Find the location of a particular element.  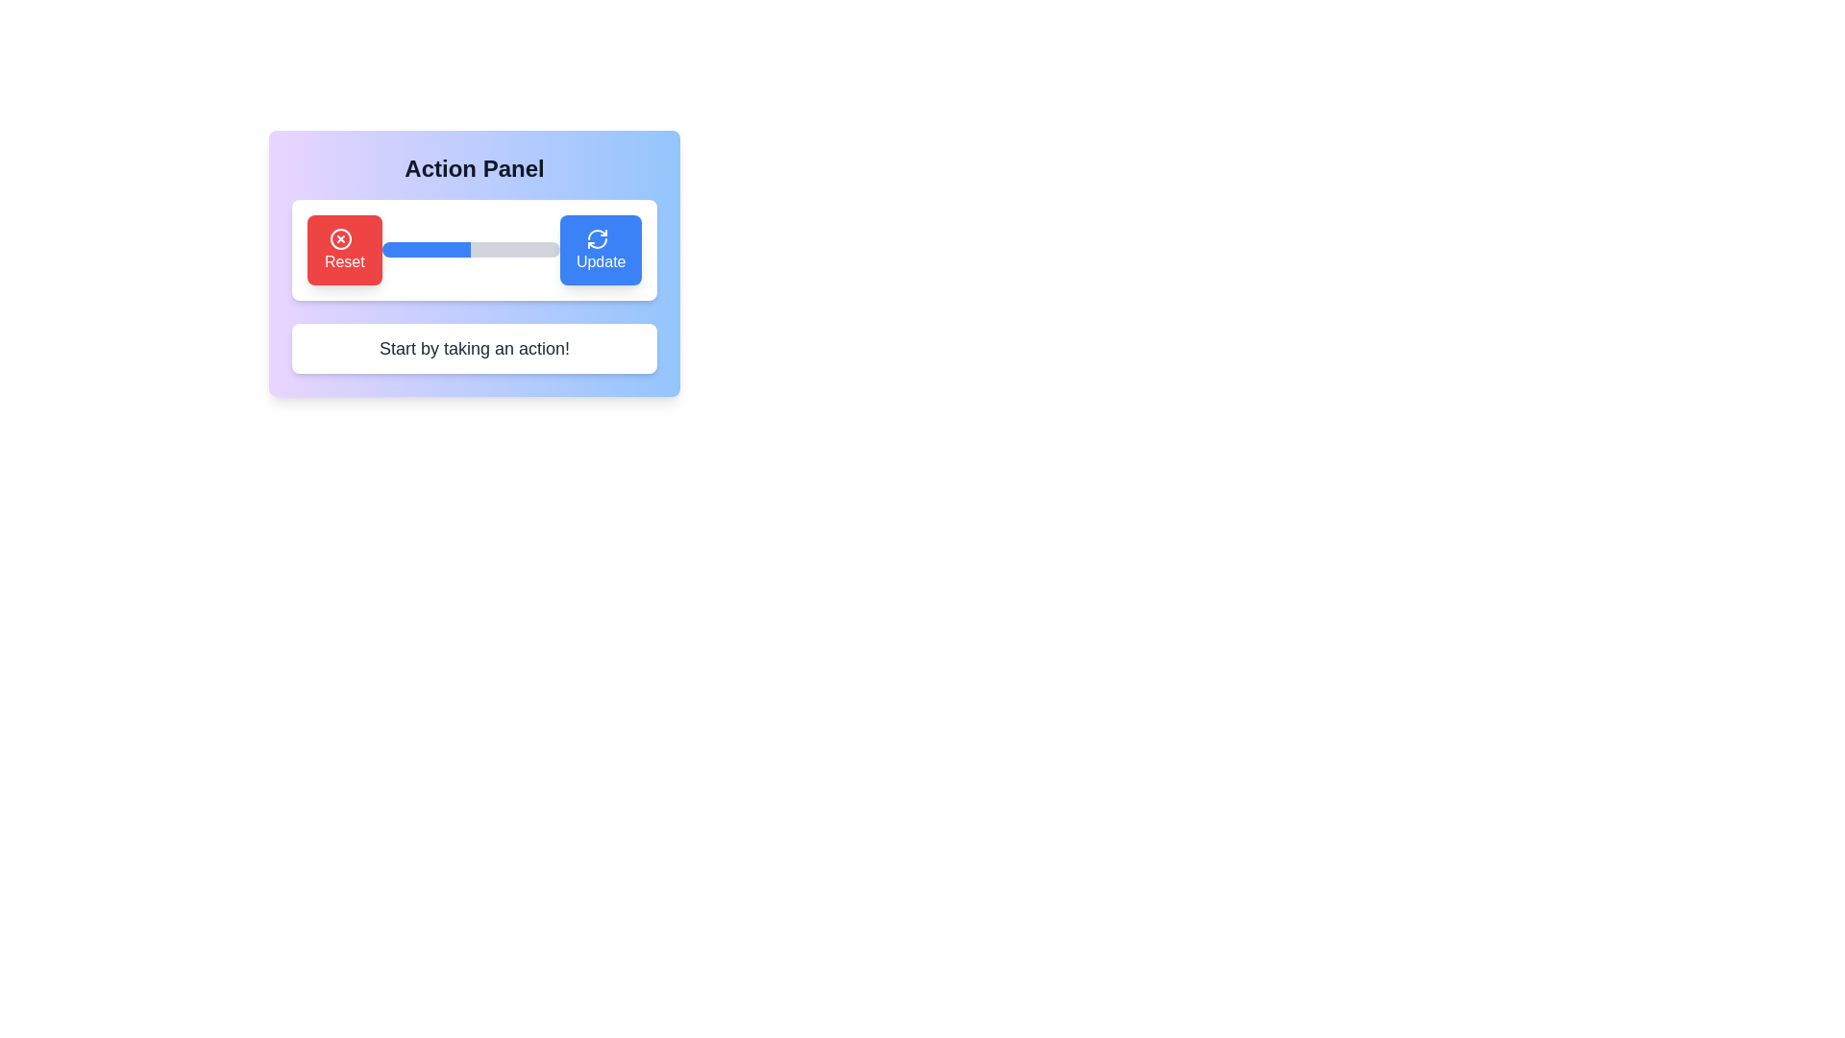

the reset icon located inside the red 'Reset' button on the left side of the horizontal button group in the Action Panel is located at coordinates (340, 237).